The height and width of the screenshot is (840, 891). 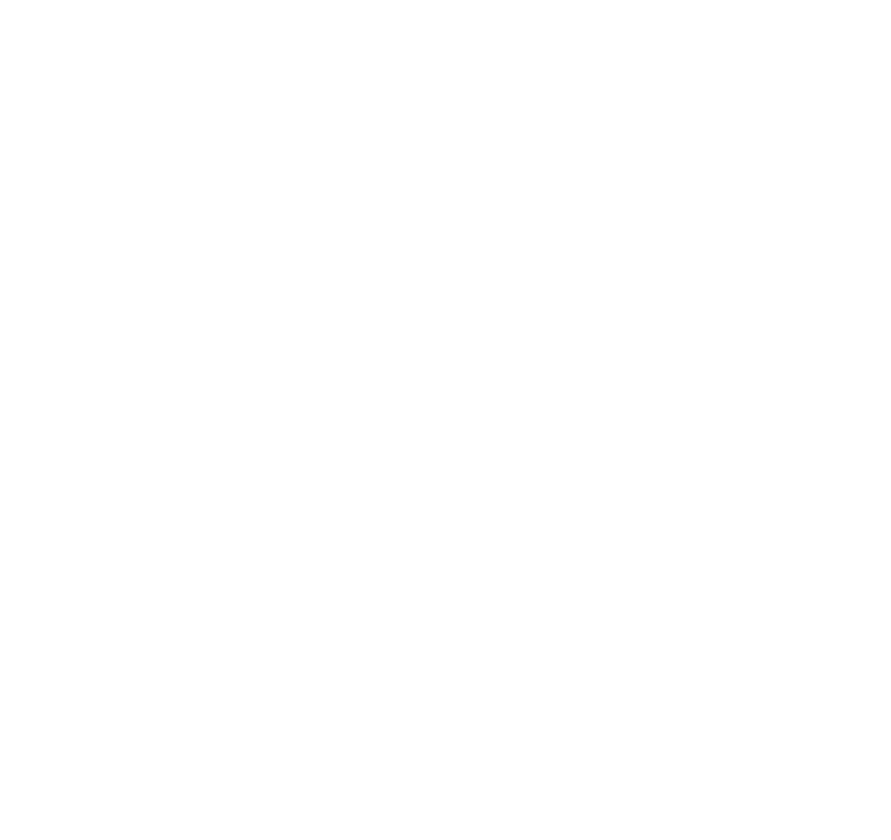 I want to click on 'The right to restrict processing – You have the right to request that IOPSYS restrict the processing of your personal data, under certain conditions.', so click(x=83, y=179).